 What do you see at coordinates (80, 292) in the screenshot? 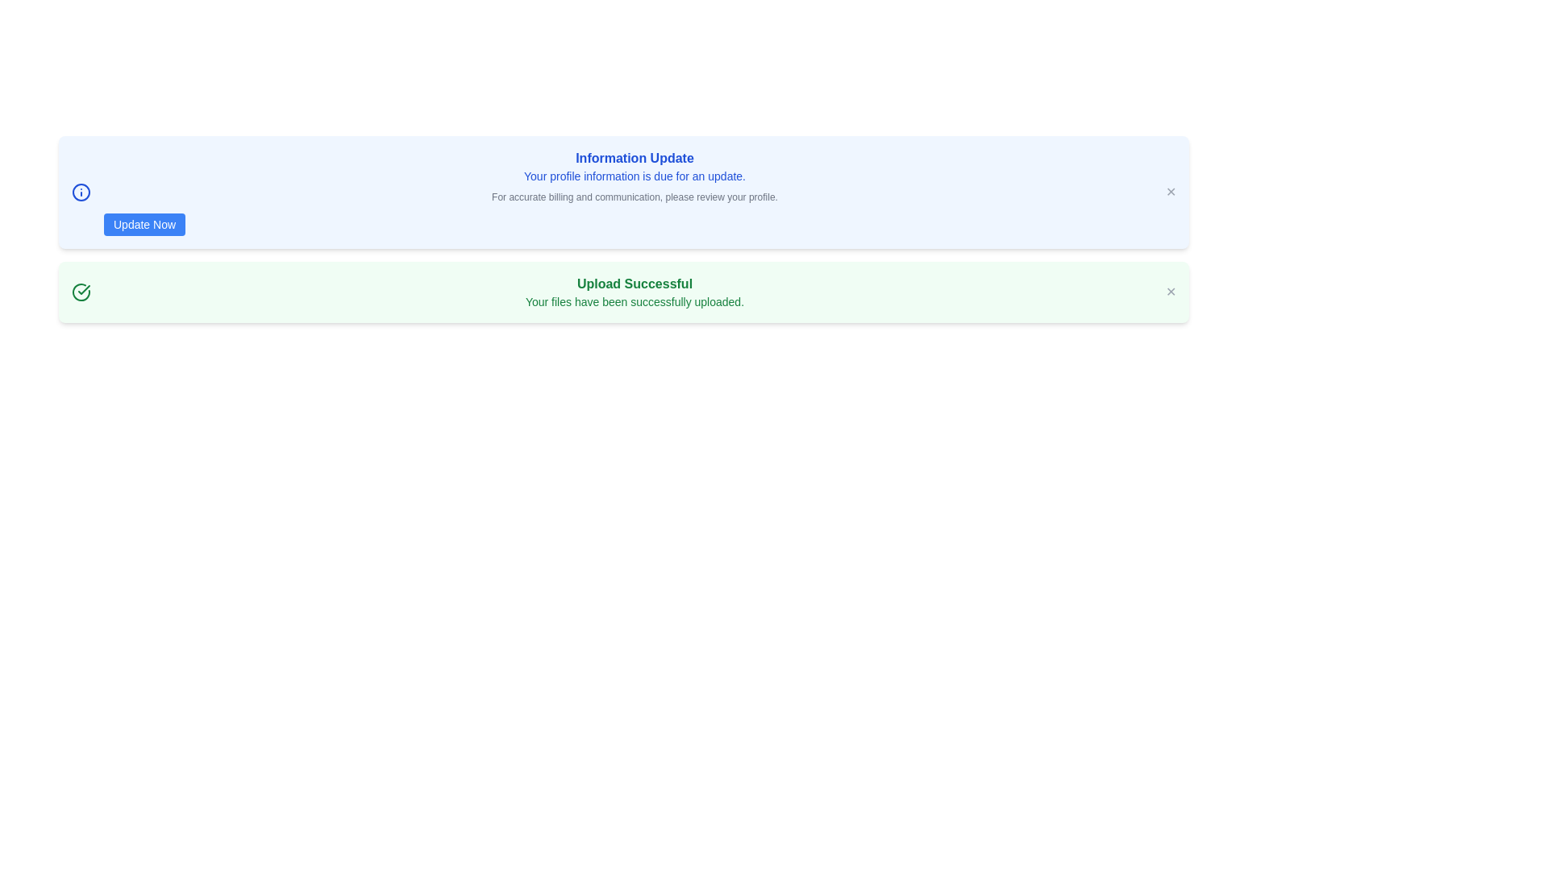
I see `the success confirmation icon located on the left side of the green notification bar, which indicates that the file upload was successful` at bounding box center [80, 292].